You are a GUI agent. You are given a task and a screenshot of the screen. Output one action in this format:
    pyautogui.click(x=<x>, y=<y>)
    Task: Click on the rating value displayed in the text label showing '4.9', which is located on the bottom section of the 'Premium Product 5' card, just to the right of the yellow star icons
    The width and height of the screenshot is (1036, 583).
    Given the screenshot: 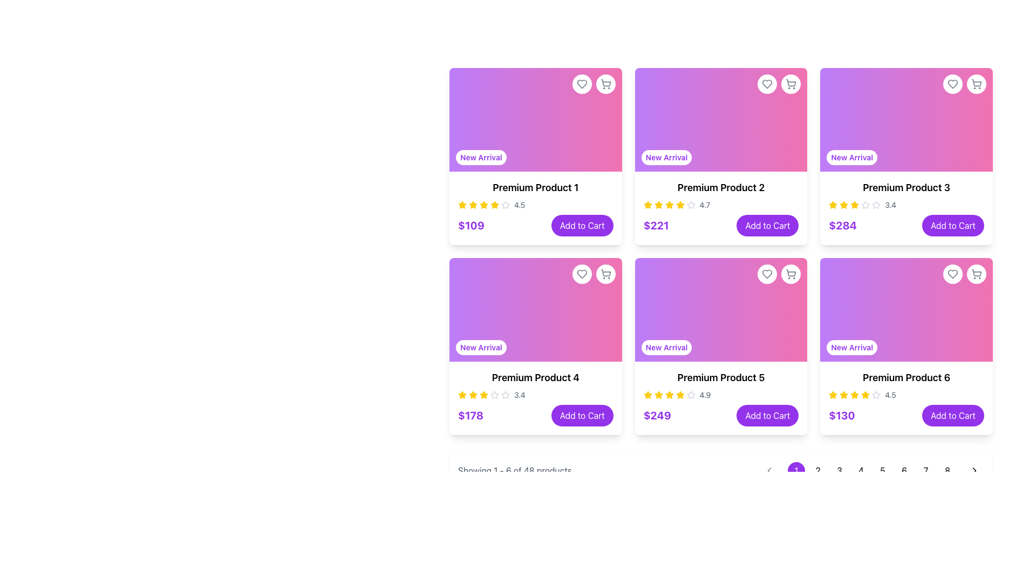 What is the action you would take?
    pyautogui.click(x=705, y=395)
    